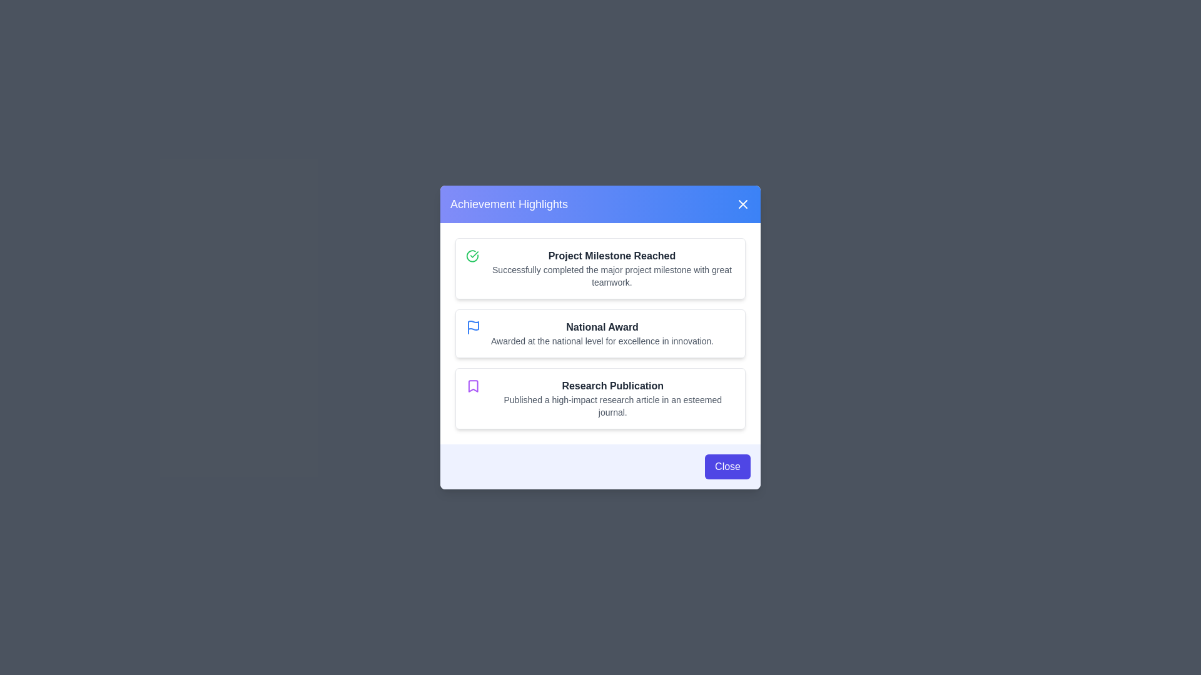 The width and height of the screenshot is (1201, 675). Describe the element at coordinates (472, 255) in the screenshot. I see `the success indicator icon located at the top-left of the 'Achievement Highlights' modal, next to the text 'Project Milestone Reached'` at that location.